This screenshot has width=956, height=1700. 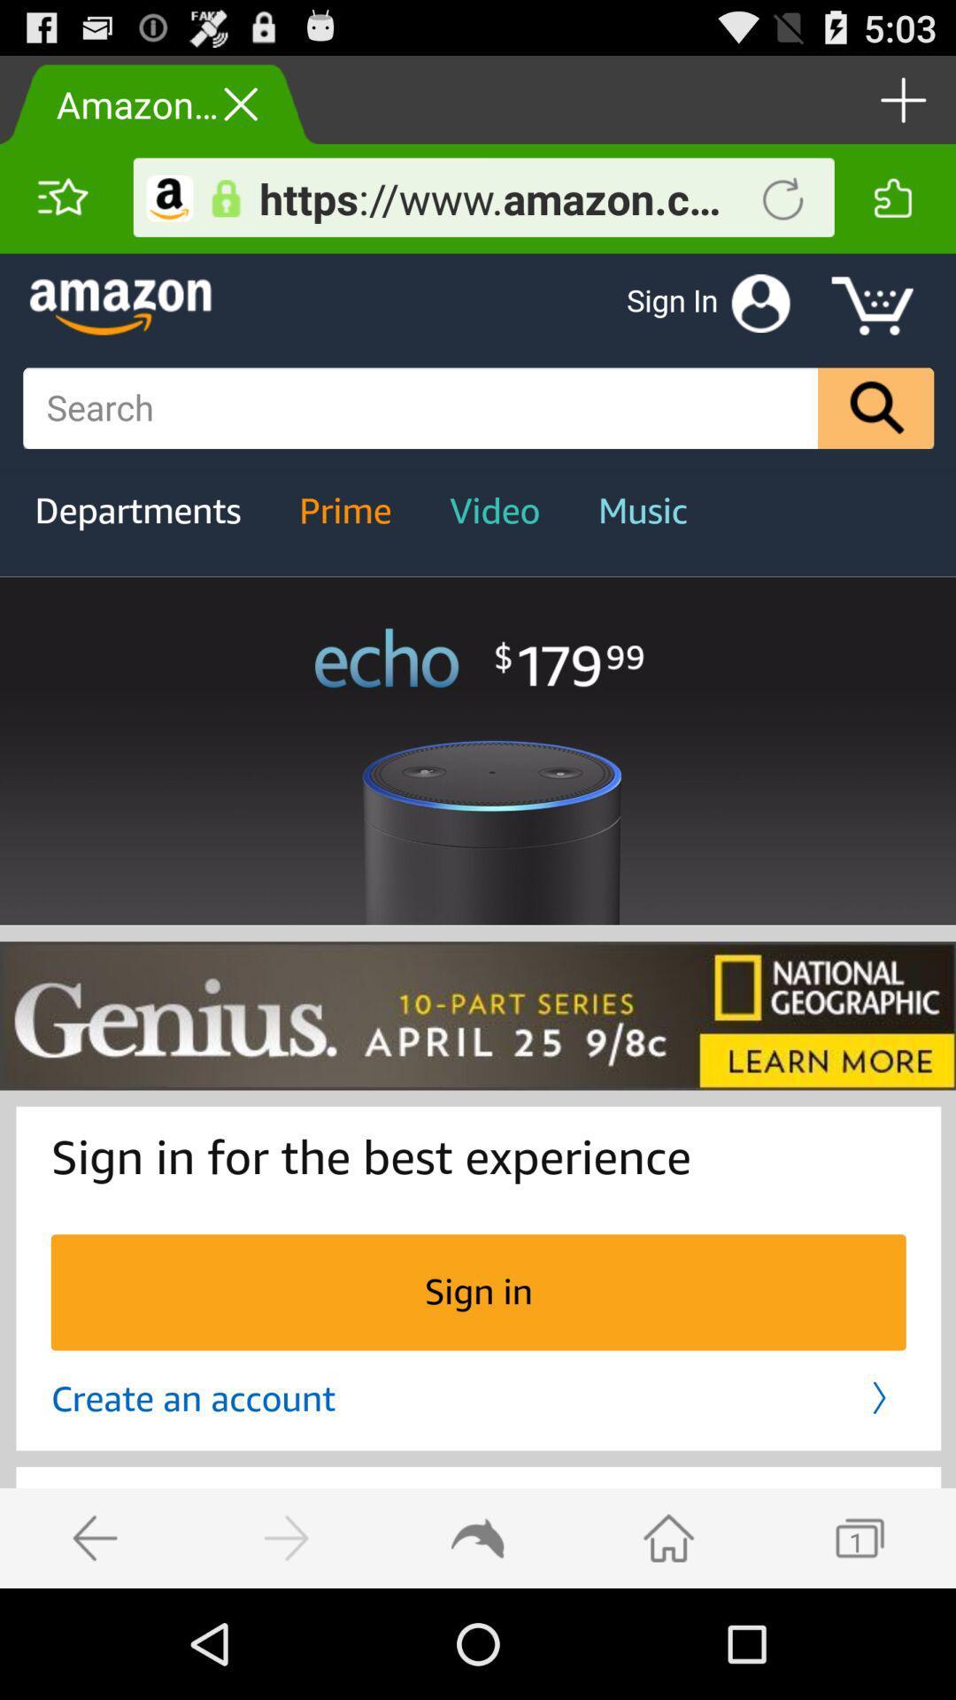 I want to click on increment button, so click(x=900, y=98).